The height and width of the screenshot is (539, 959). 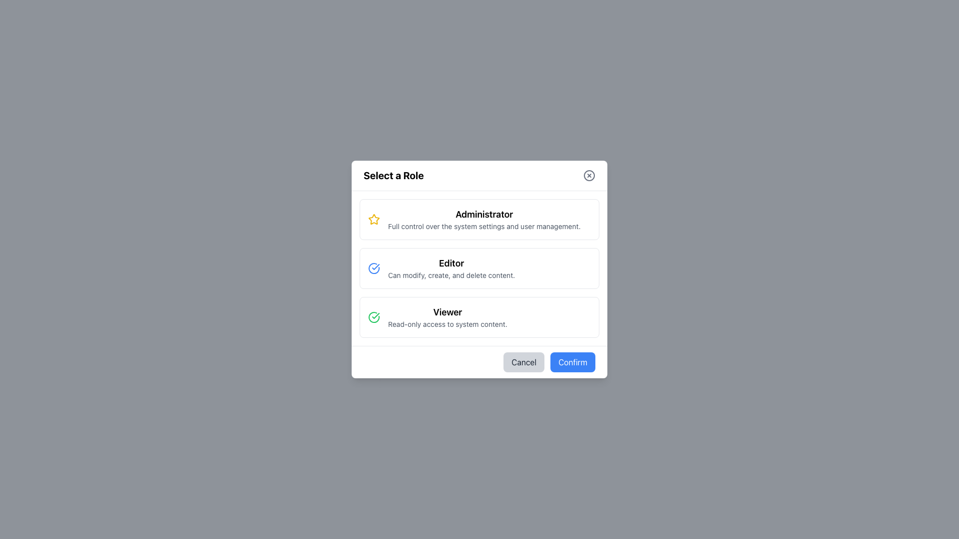 What do you see at coordinates (451, 263) in the screenshot?
I see `text from the 'Editor' label, which is displayed in a bold and slightly enlarged font, positioned centrally in the second group of options in the modal dialog` at bounding box center [451, 263].